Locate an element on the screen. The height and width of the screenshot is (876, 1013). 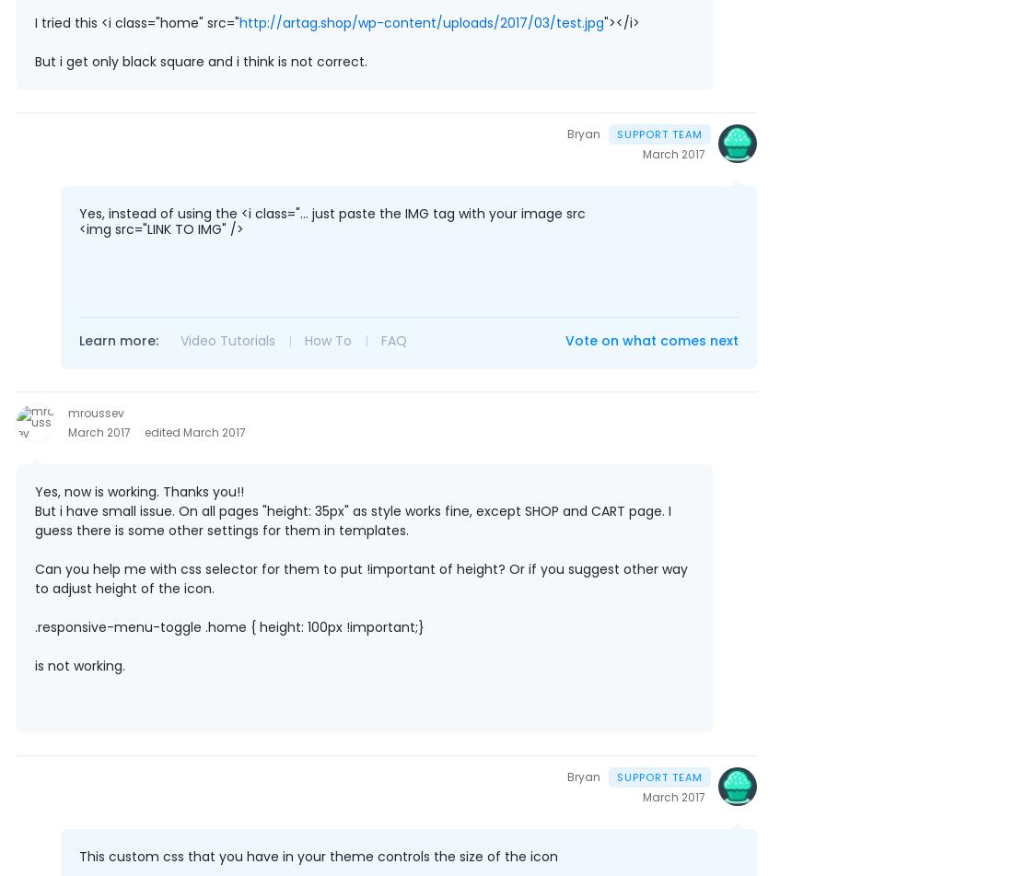
'I tried this <i class="home" src="' is located at coordinates (136, 21).